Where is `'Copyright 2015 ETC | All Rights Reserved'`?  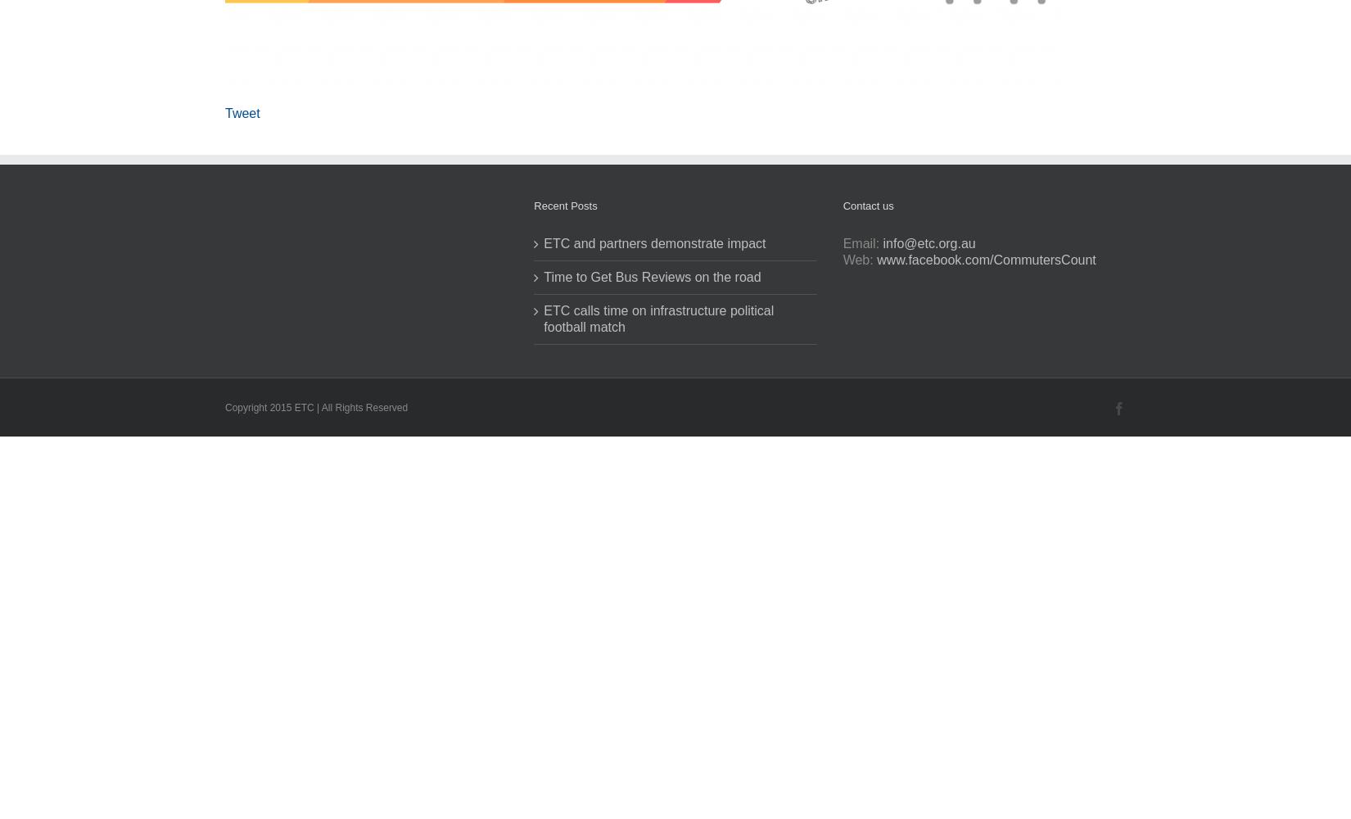 'Copyright 2015 ETC | All Rights Reserved' is located at coordinates (316, 407).